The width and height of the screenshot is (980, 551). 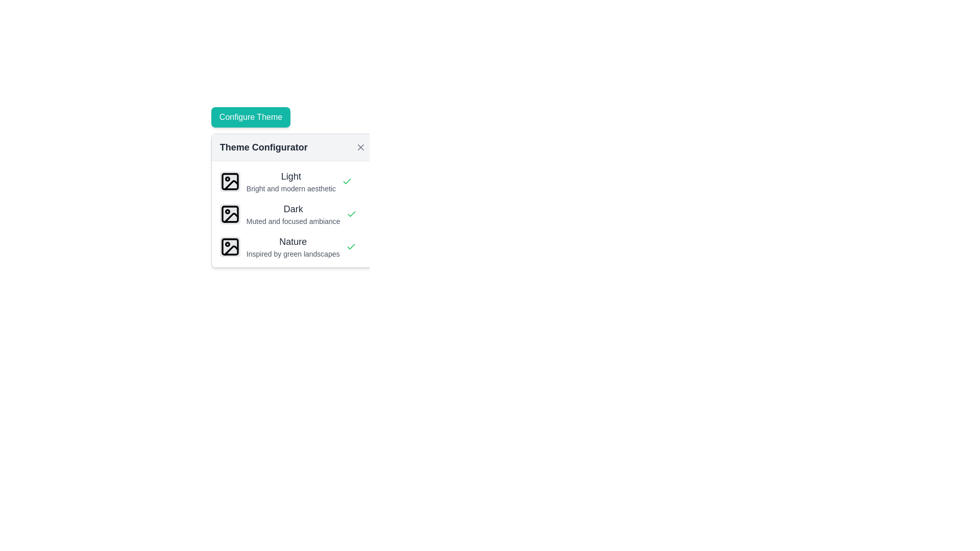 What do you see at coordinates (290, 181) in the screenshot?
I see `the descriptive text element in the 'Theme Configurator' panel that provides information about the 'Light' theme, located at the top left corner of the list` at bounding box center [290, 181].